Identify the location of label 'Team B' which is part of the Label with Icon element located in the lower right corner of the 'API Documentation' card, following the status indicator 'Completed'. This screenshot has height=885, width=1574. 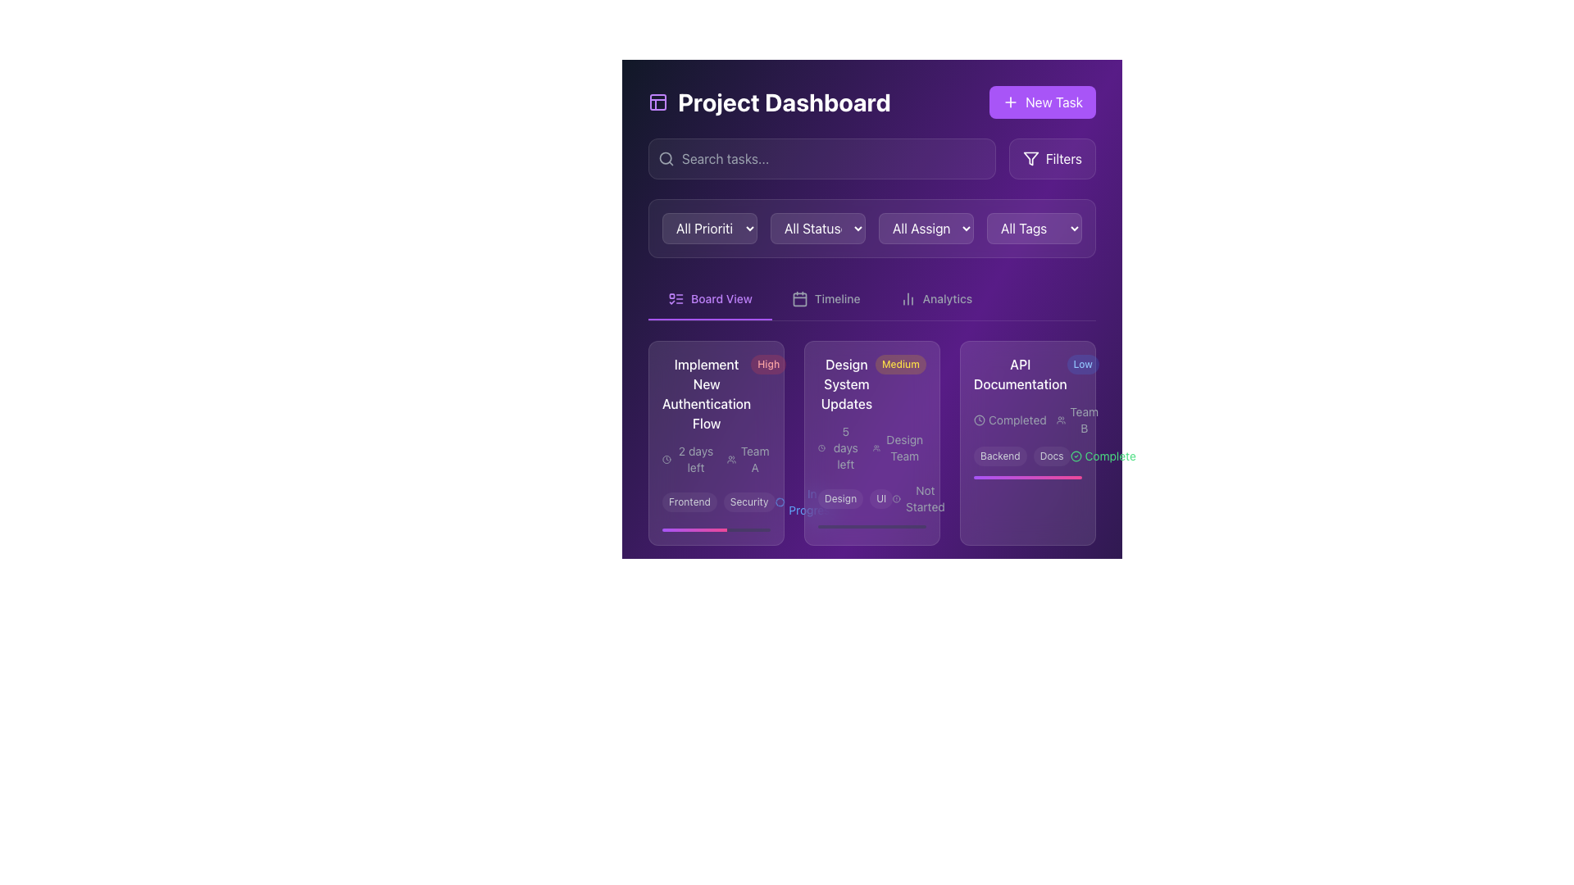
(1078, 420).